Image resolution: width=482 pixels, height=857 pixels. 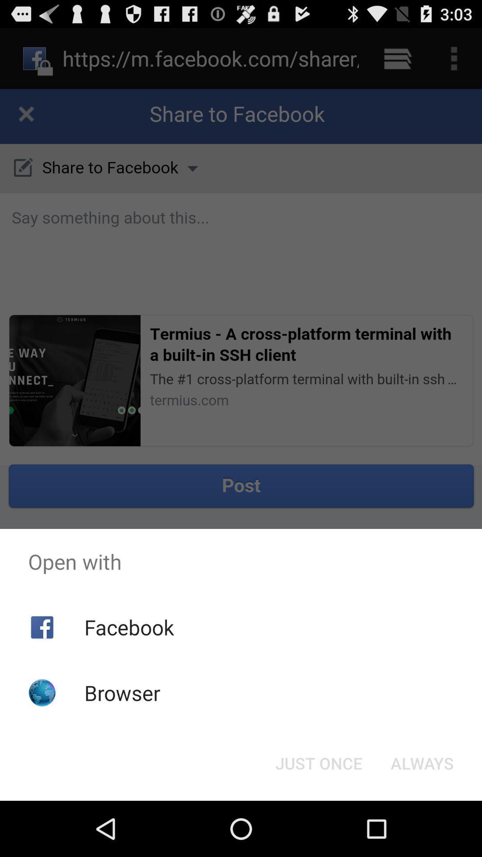 What do you see at coordinates (122, 692) in the screenshot?
I see `icon below the facebook app` at bounding box center [122, 692].